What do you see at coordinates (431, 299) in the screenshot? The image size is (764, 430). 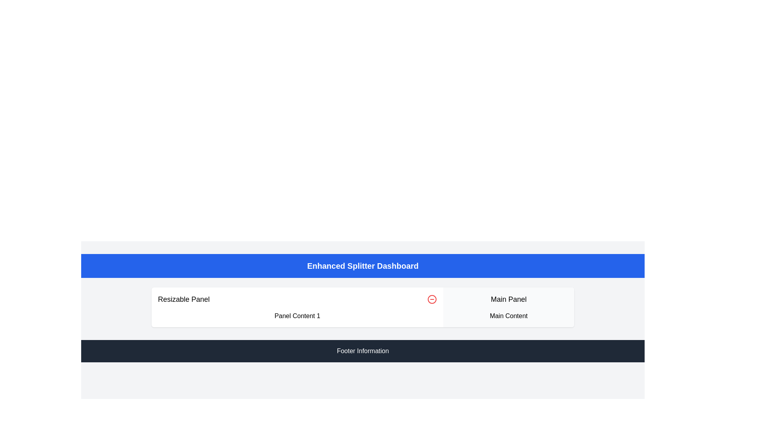 I see `the red circular icon button with a minus symbol, located adjacent to the 'Resizable Panel' text` at bounding box center [431, 299].